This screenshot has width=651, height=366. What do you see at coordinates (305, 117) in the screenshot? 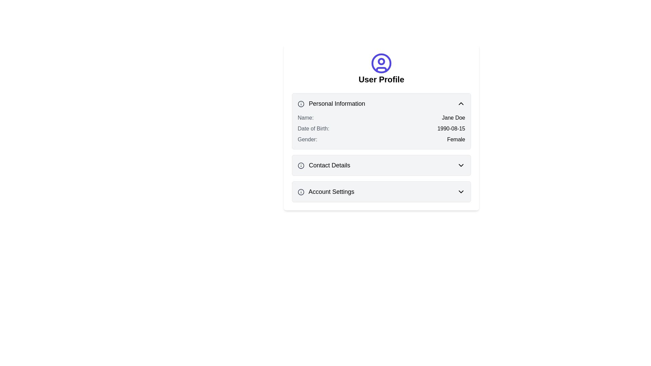
I see `the text label indicating the user's name in the personal information section of the user profile interface` at bounding box center [305, 117].